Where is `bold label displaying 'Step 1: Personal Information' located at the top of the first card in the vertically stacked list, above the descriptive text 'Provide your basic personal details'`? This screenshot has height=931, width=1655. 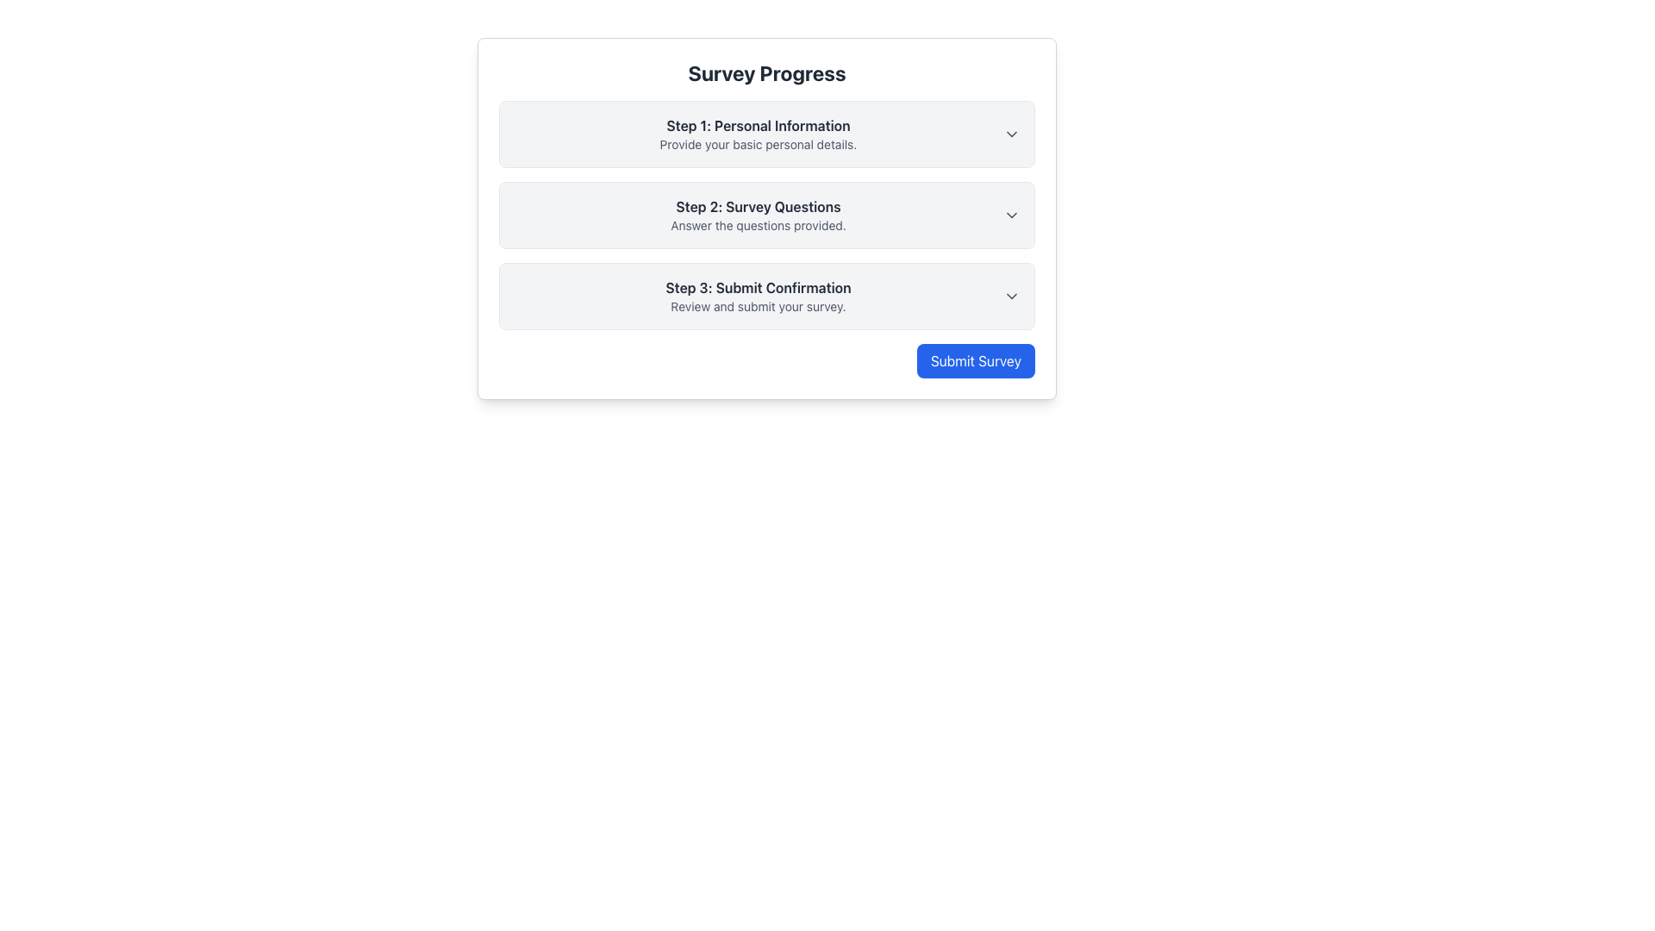
bold label displaying 'Step 1: Personal Information' located at the top of the first card in the vertically stacked list, above the descriptive text 'Provide your basic personal details' is located at coordinates (758, 125).